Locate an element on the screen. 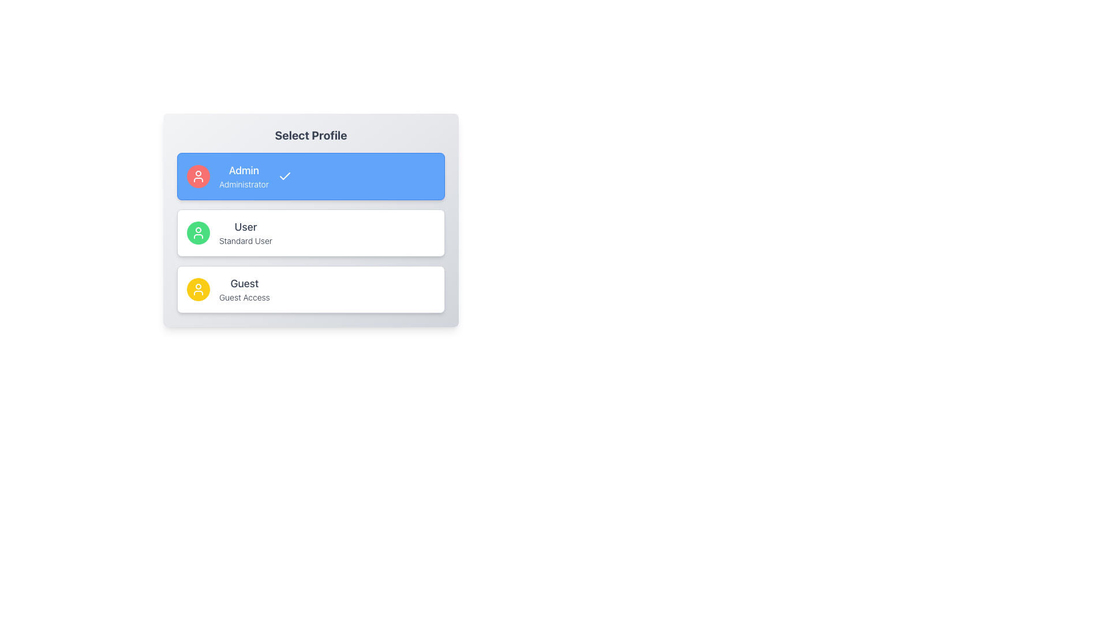  the circular red icon with a white user silhouette located at the top-left corner of the 'Admin' selection card, serving as a profile picture placeholder is located at coordinates (199, 176).